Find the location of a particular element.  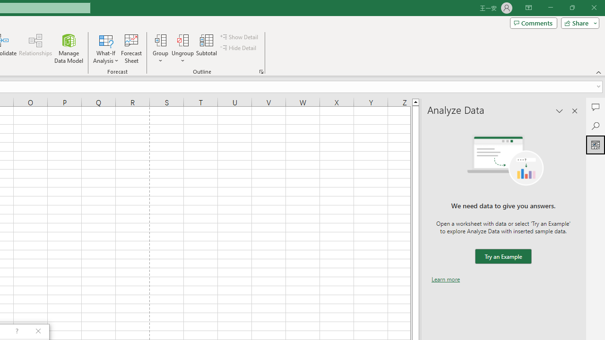

'Relationships' is located at coordinates (35, 49).